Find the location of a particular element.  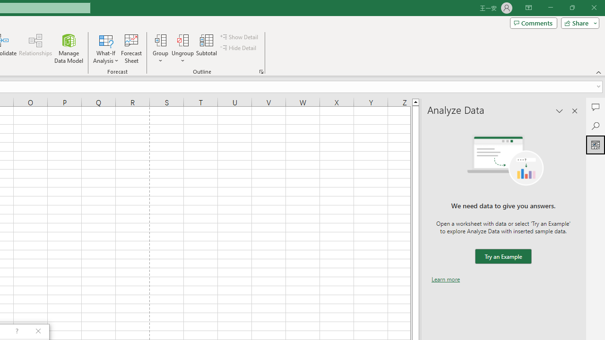

'Relationships' is located at coordinates (35, 49).